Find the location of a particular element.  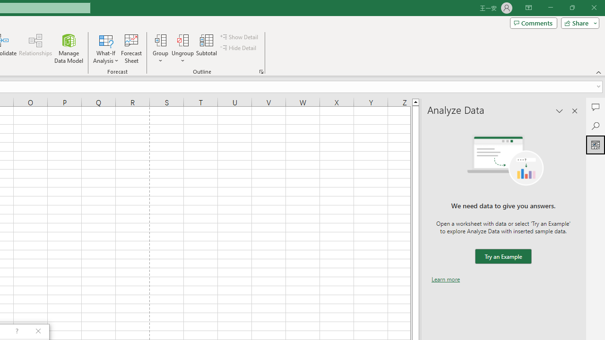

'Relationships' is located at coordinates (35, 49).